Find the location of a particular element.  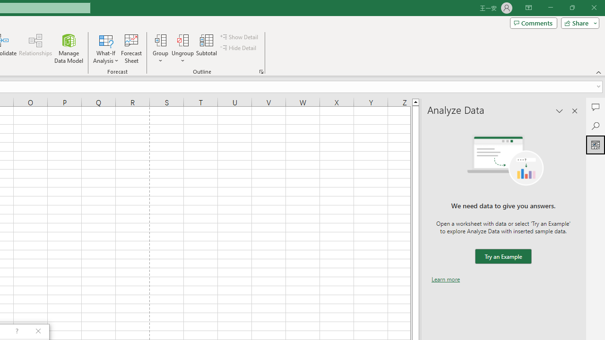

'Relationships' is located at coordinates (35, 49).